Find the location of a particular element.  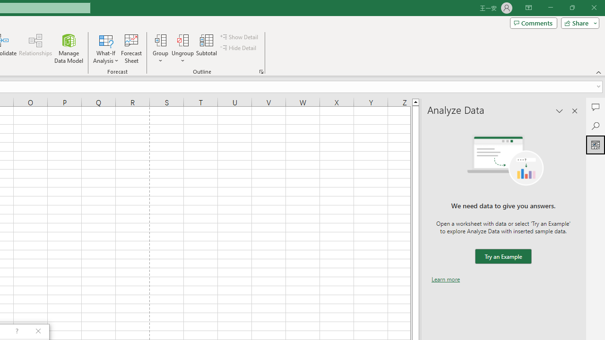

'Relationships' is located at coordinates (35, 49).